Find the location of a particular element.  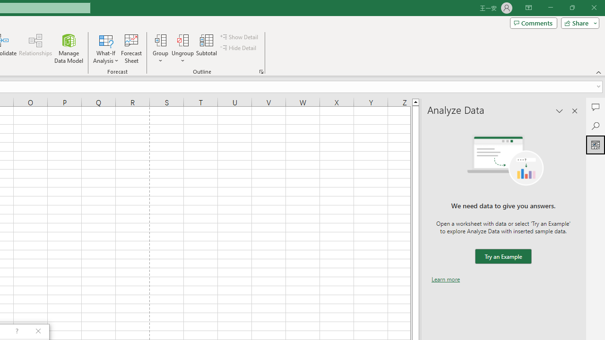

'Relationships' is located at coordinates (35, 49).